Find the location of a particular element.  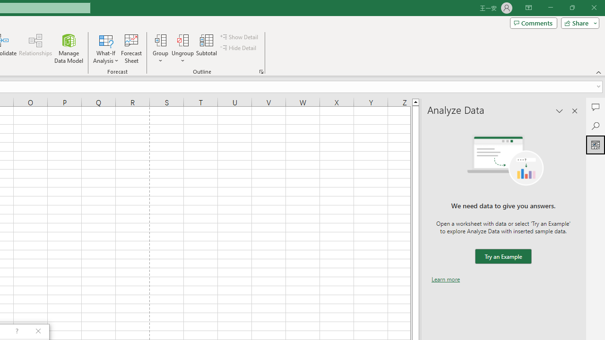

'Relationships' is located at coordinates (35, 49).